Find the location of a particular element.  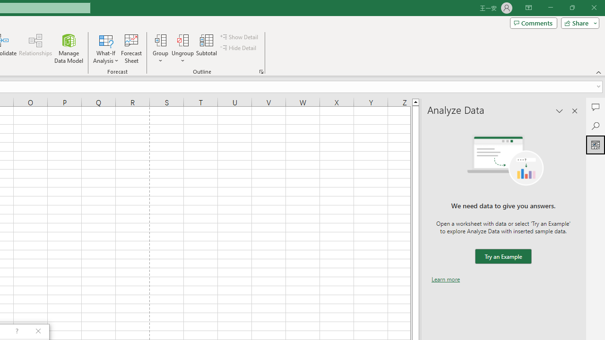

'Relationships' is located at coordinates (35, 49).